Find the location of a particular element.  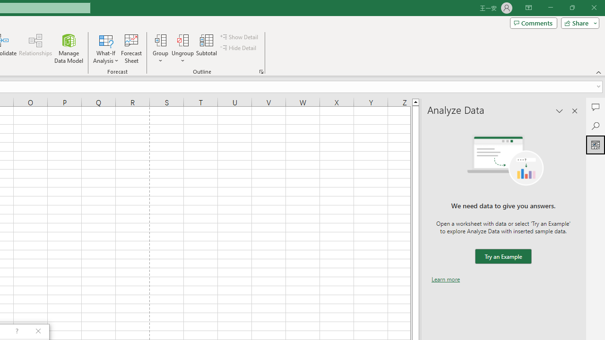

'Relationships' is located at coordinates (35, 49).